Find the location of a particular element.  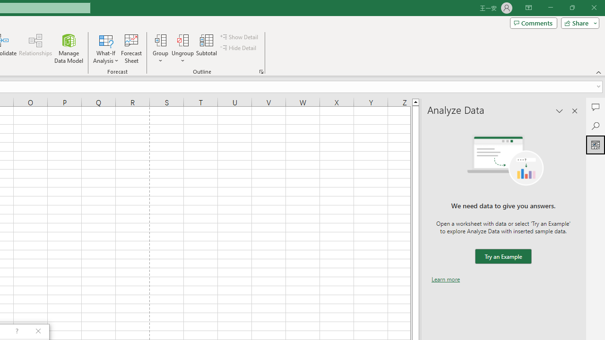

'Relationships' is located at coordinates (35, 49).